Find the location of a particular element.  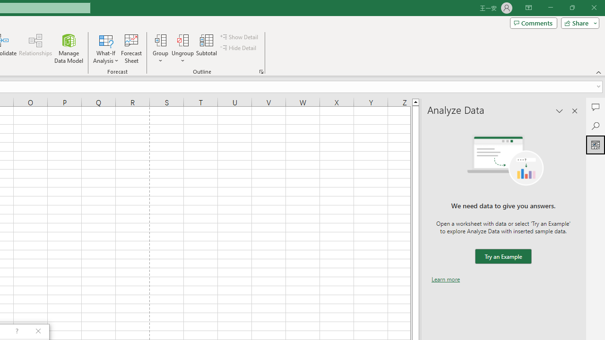

'Relationships' is located at coordinates (35, 49).